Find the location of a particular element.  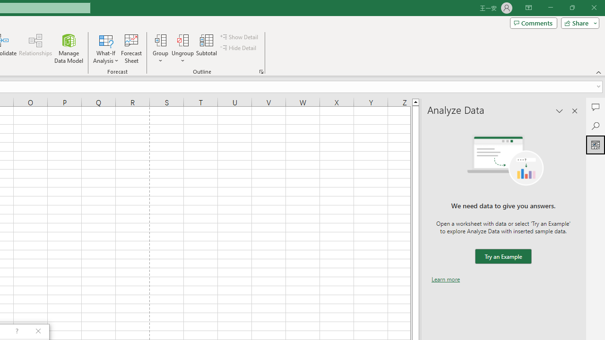

'Relationships' is located at coordinates (35, 49).